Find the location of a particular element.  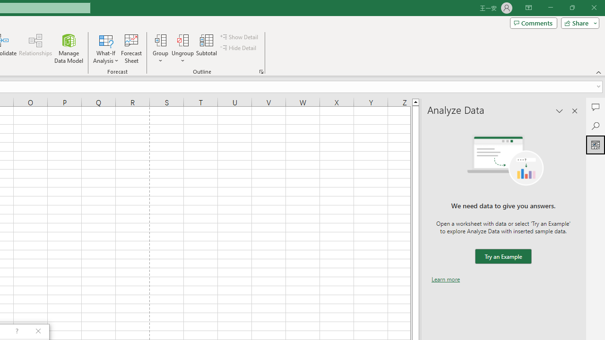

'Relationships' is located at coordinates (35, 49).